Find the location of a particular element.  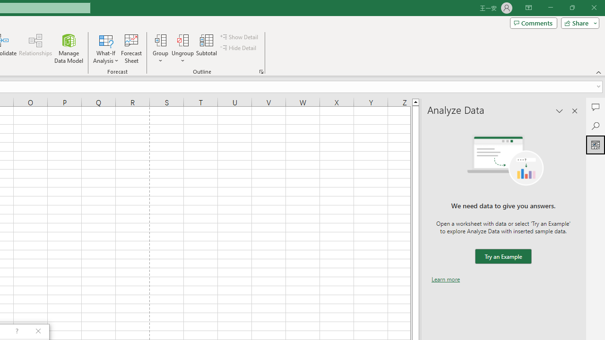

'Relationships' is located at coordinates (35, 49).